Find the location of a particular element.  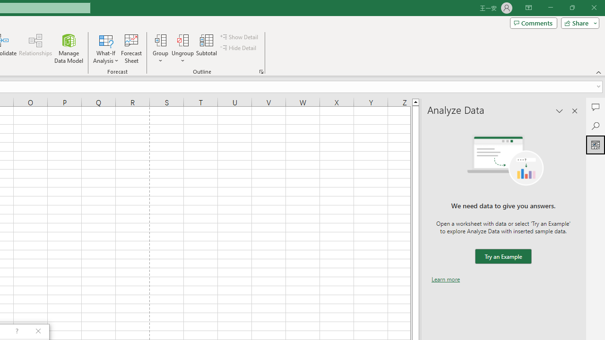

'Relationships' is located at coordinates (35, 49).